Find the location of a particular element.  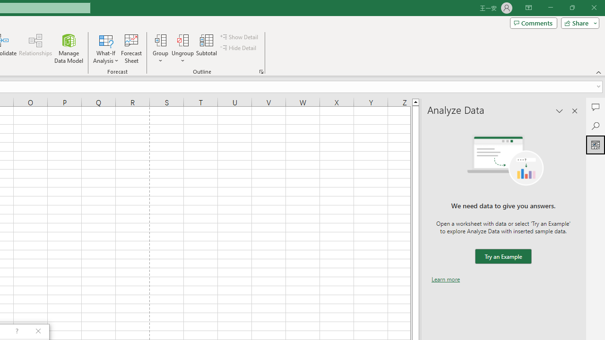

'Relationships' is located at coordinates (35, 49).